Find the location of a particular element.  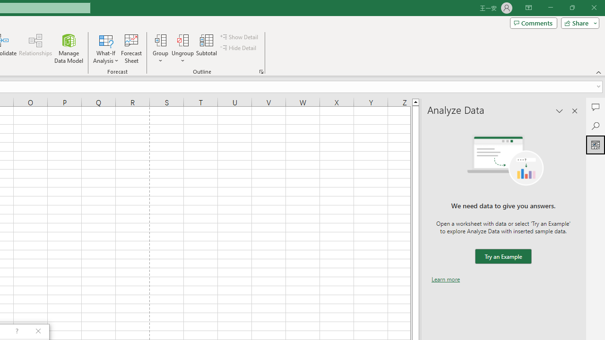

'Relationships' is located at coordinates (35, 49).